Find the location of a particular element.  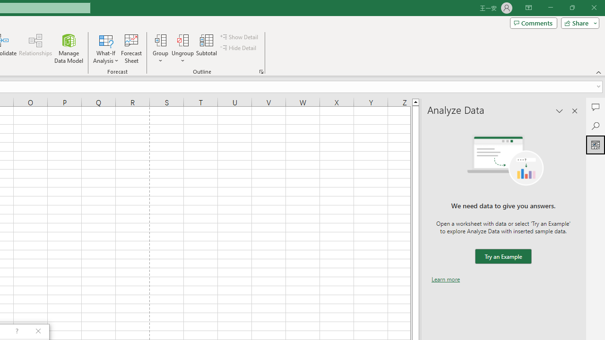

'Relationships' is located at coordinates (35, 49).